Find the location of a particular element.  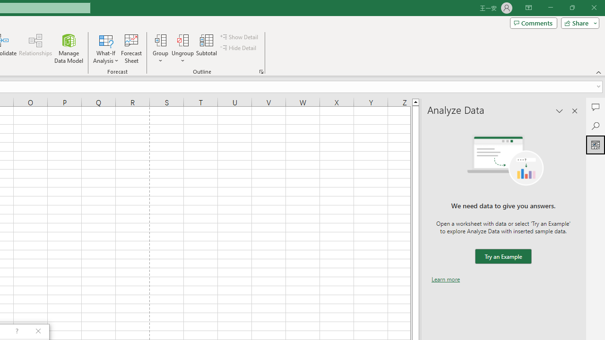

'Relationships' is located at coordinates (35, 49).